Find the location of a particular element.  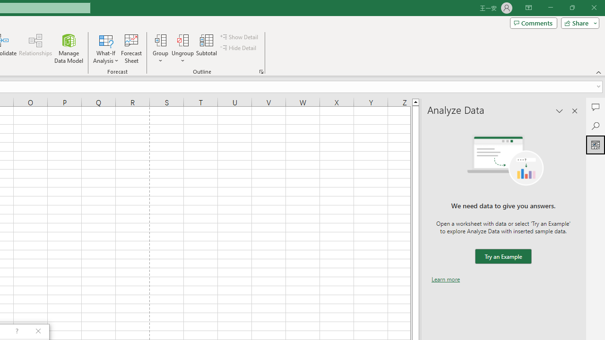

'Relationships' is located at coordinates (35, 49).